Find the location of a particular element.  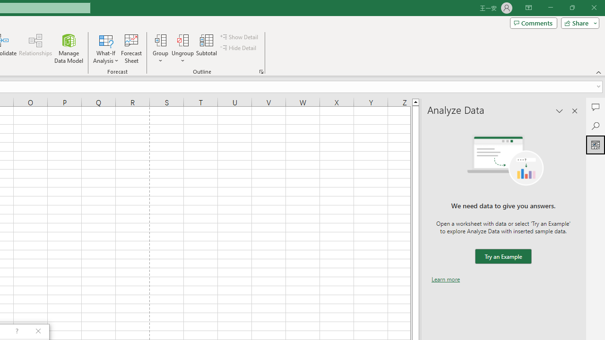

'Relationships' is located at coordinates (35, 49).